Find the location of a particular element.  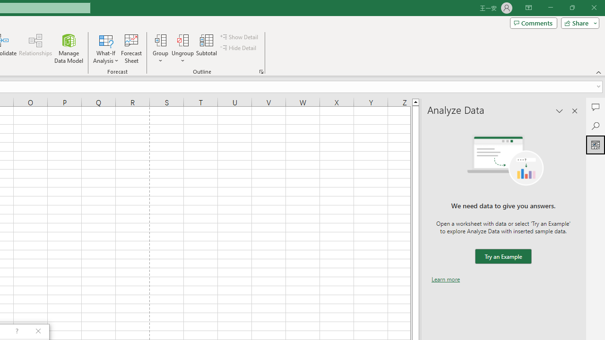

'Relationships' is located at coordinates (35, 49).